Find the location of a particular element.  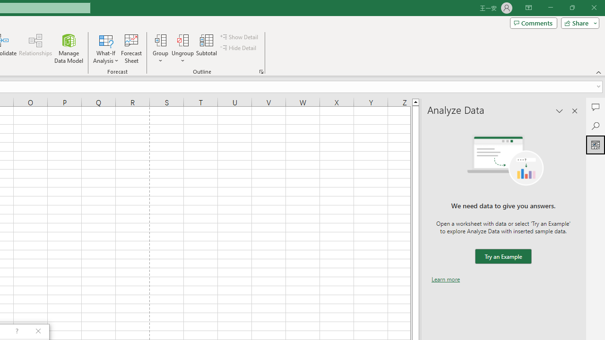

'Relationships' is located at coordinates (35, 49).